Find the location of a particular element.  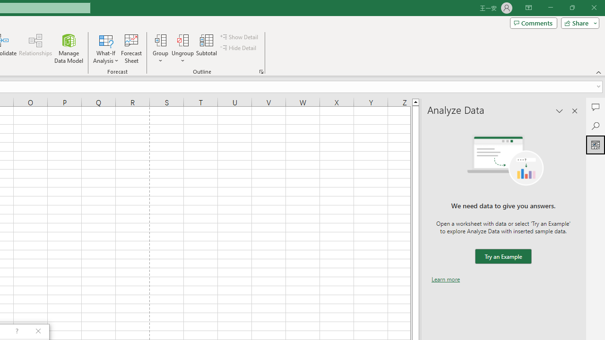

'Relationships' is located at coordinates (35, 49).